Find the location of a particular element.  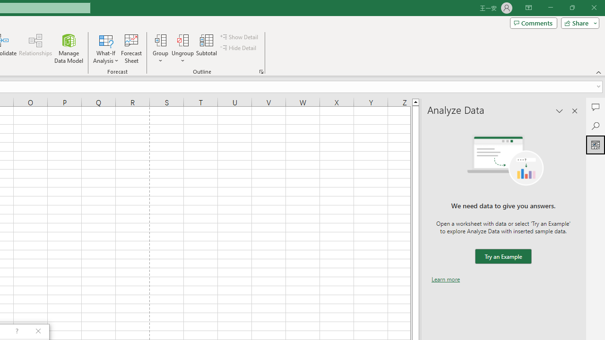

'Relationships' is located at coordinates (35, 49).